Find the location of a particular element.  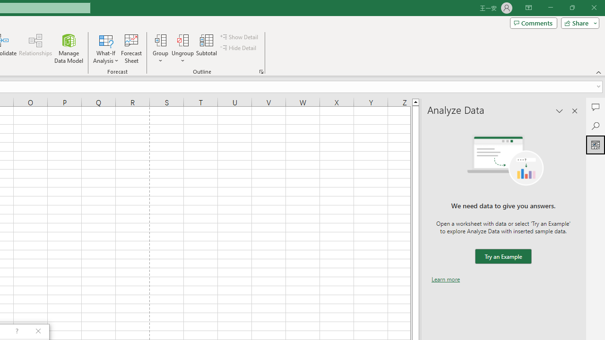

'Relationships' is located at coordinates (35, 49).